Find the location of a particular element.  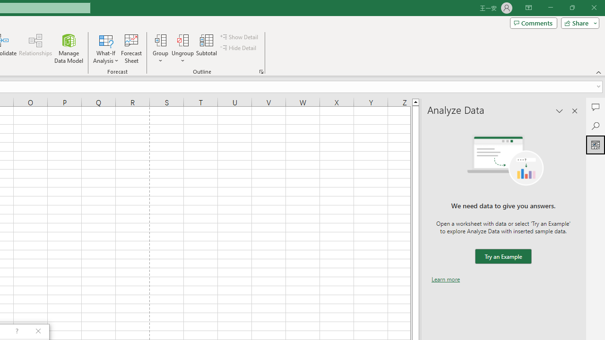

'Relationships' is located at coordinates (35, 49).